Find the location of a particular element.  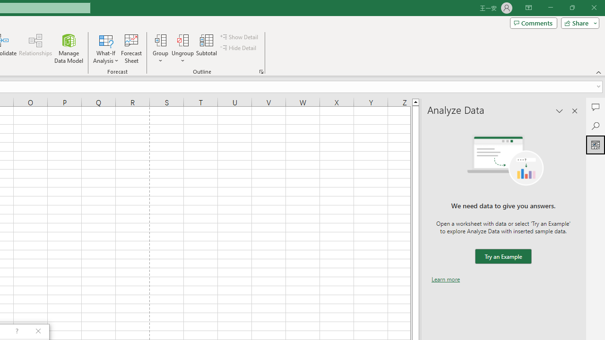

'Relationships' is located at coordinates (35, 49).